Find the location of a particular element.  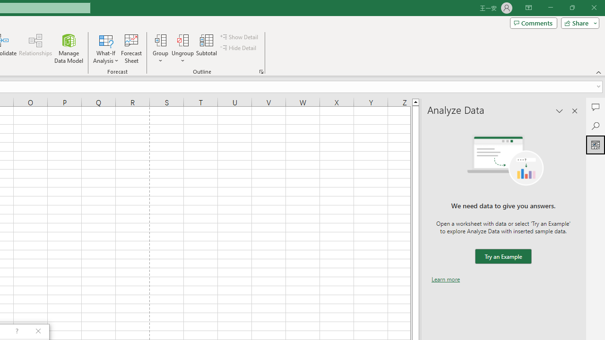

'Relationships' is located at coordinates (35, 49).